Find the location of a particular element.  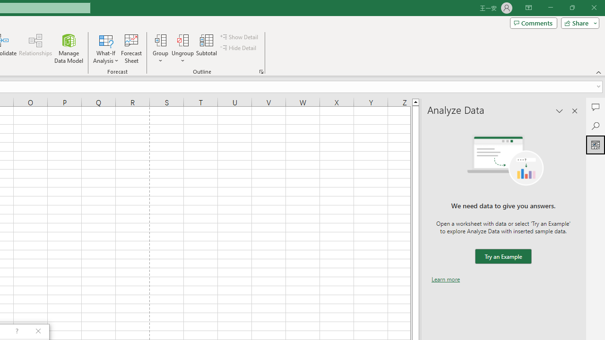

'Relationships' is located at coordinates (35, 49).